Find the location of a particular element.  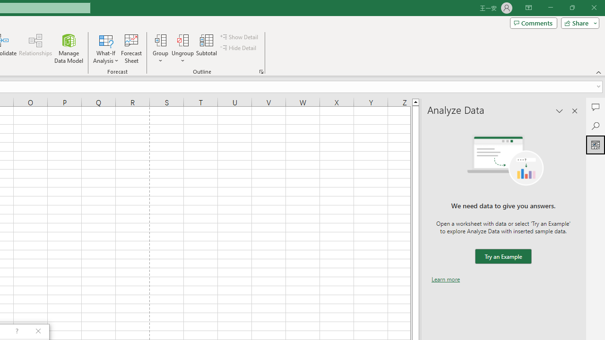

'Relationships' is located at coordinates (35, 49).